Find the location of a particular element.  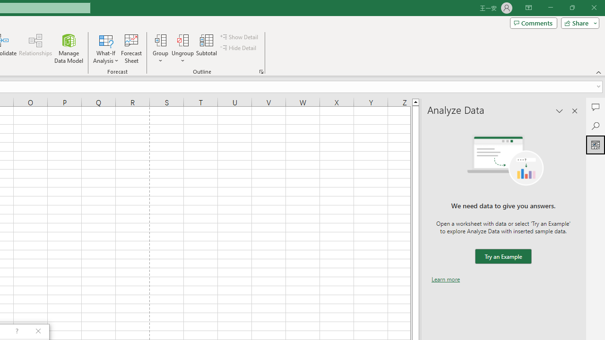

'Relationships' is located at coordinates (35, 49).